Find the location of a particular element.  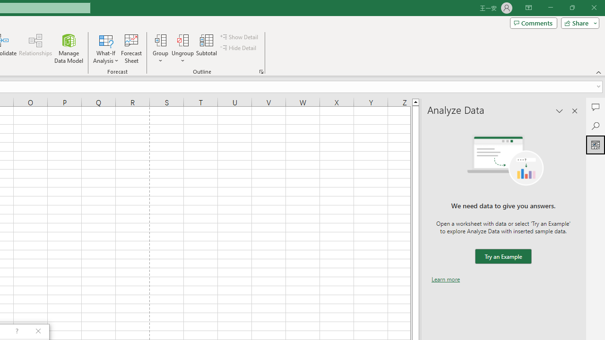

'Relationships' is located at coordinates (35, 49).